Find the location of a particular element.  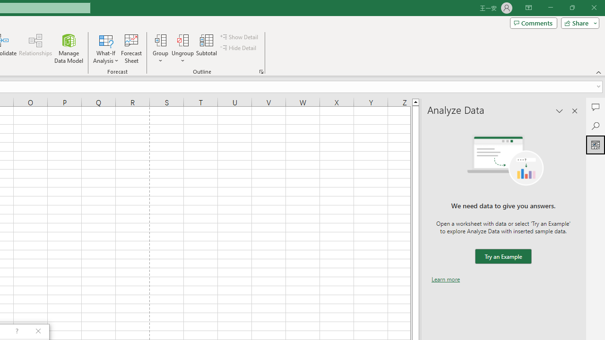

'Relationships' is located at coordinates (35, 49).